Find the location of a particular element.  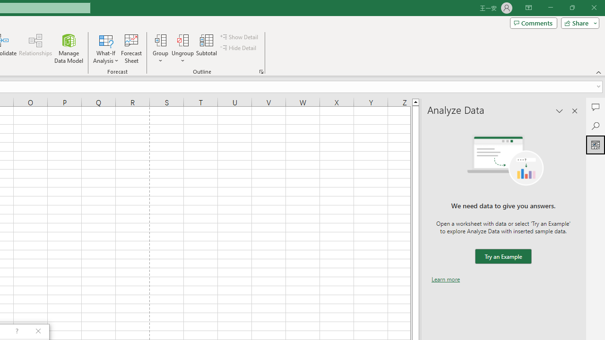

'Relationships' is located at coordinates (35, 49).